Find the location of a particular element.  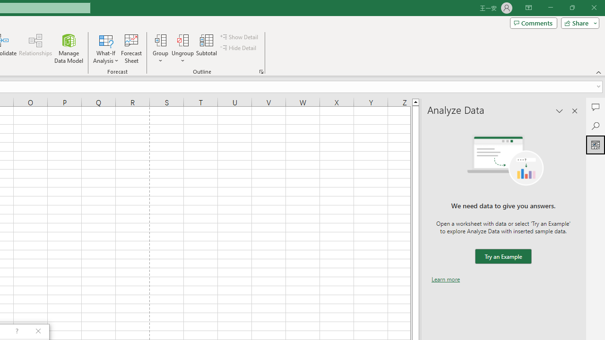

'Relationships' is located at coordinates (35, 49).